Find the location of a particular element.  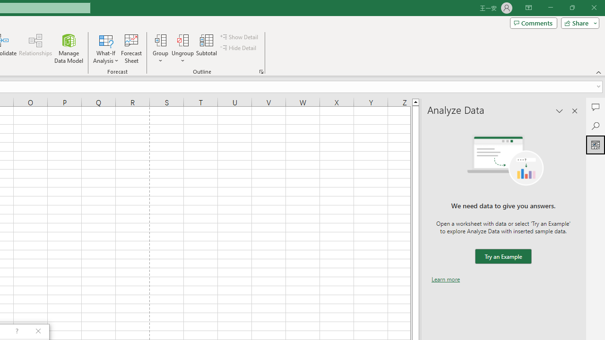

'Relationships' is located at coordinates (35, 49).